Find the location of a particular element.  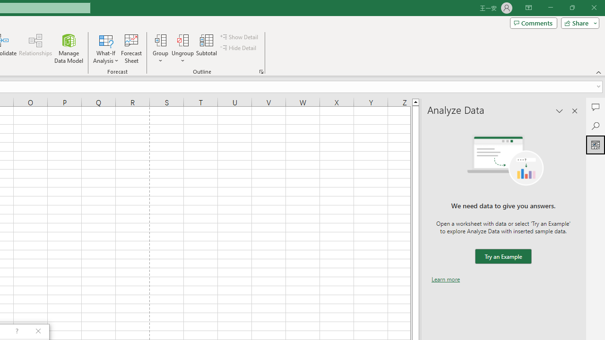

'Relationships' is located at coordinates (35, 49).